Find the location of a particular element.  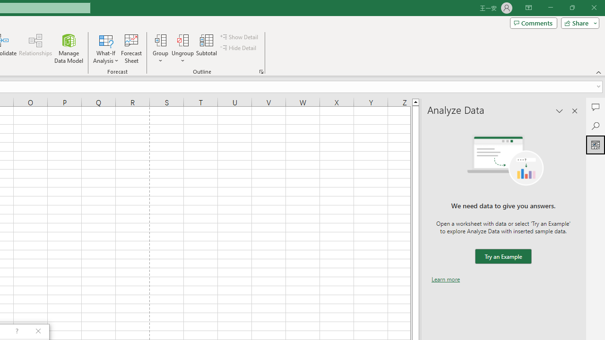

'Relationships' is located at coordinates (35, 49).